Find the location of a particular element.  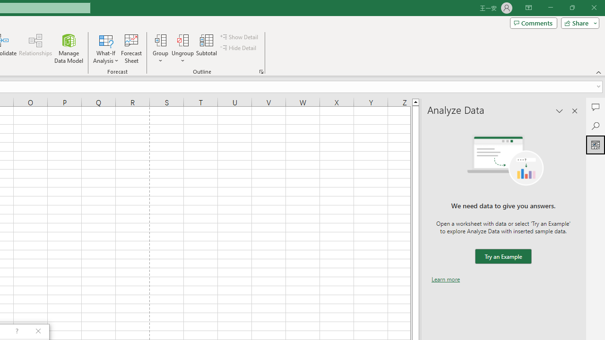

'Relationships' is located at coordinates (35, 49).